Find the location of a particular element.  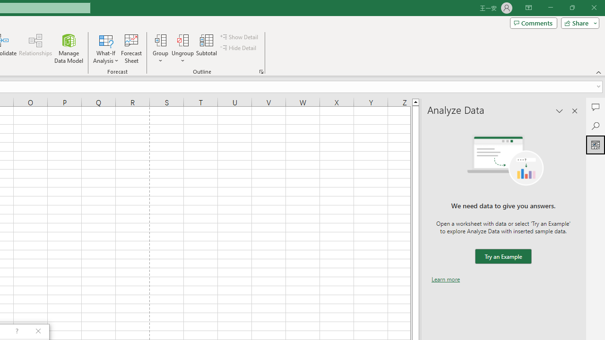

'Relationships' is located at coordinates (35, 49).